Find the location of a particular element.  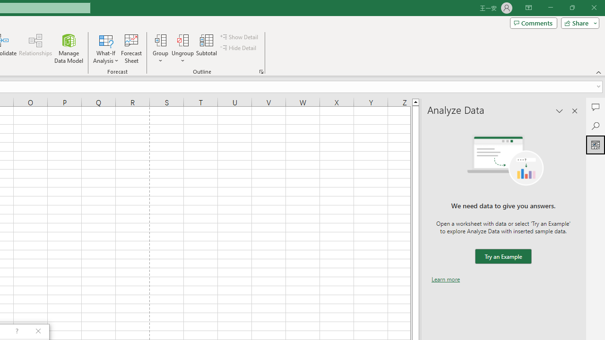

'Relationships' is located at coordinates (35, 49).